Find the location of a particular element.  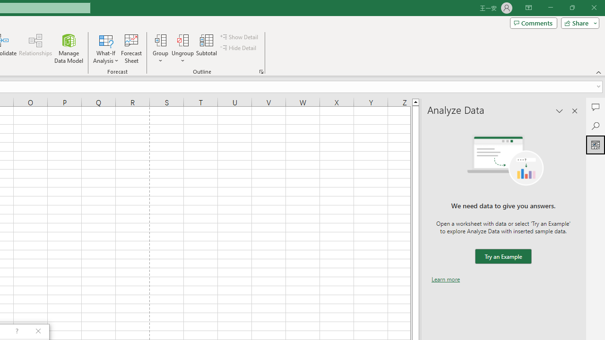

'Relationships' is located at coordinates (35, 49).